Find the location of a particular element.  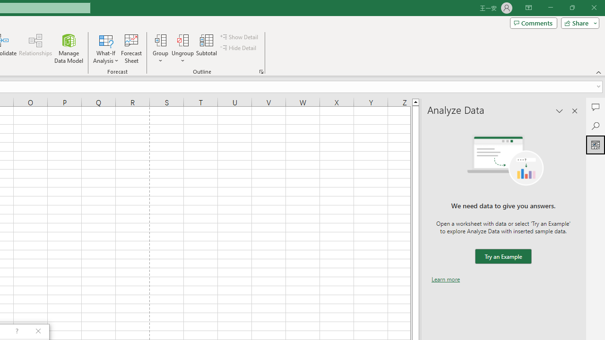

'Relationships' is located at coordinates (35, 49).